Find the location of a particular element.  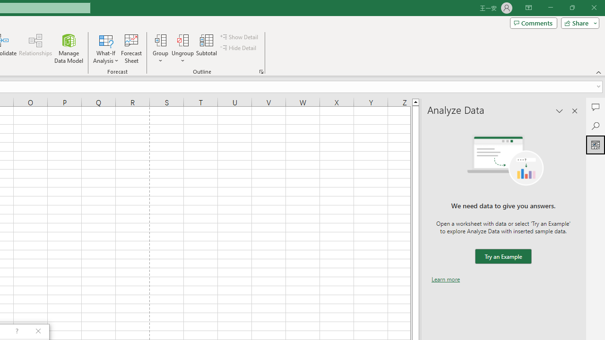

'Relationships' is located at coordinates (35, 49).